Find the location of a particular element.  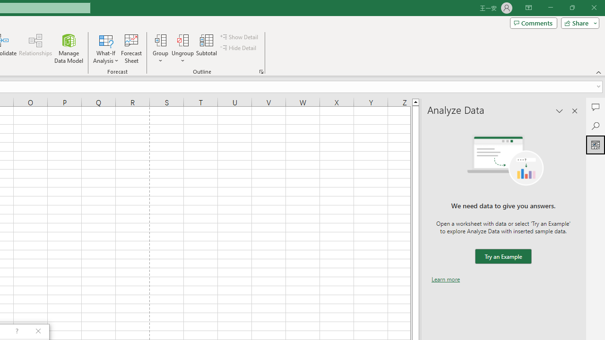

'Relationships' is located at coordinates (35, 49).